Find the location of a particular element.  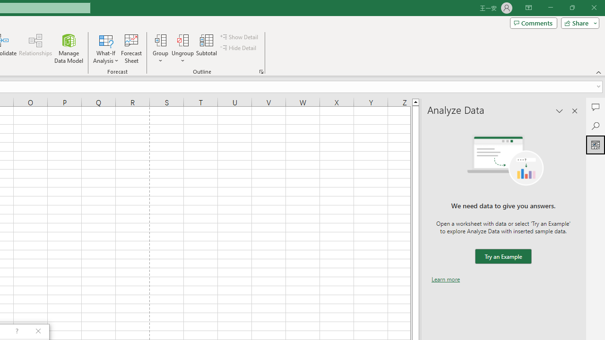

'Relationships' is located at coordinates (35, 49).